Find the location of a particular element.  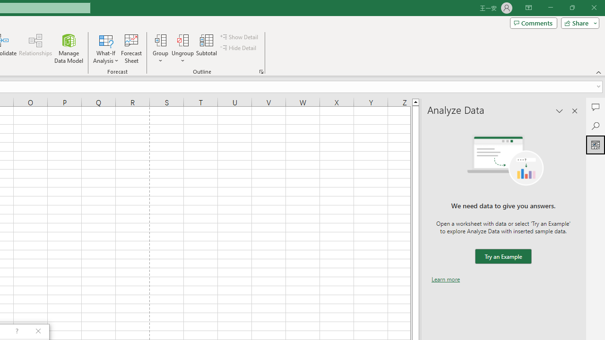

'Relationships' is located at coordinates (35, 49).